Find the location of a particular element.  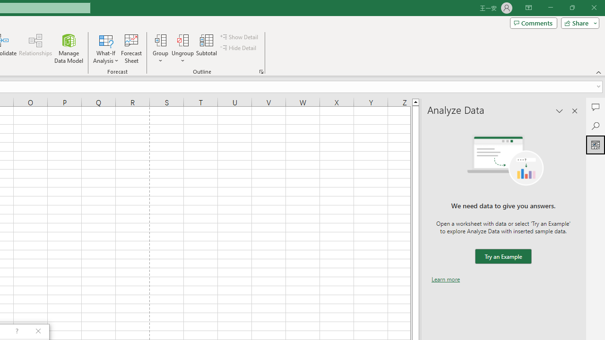

'Relationships' is located at coordinates (35, 49).